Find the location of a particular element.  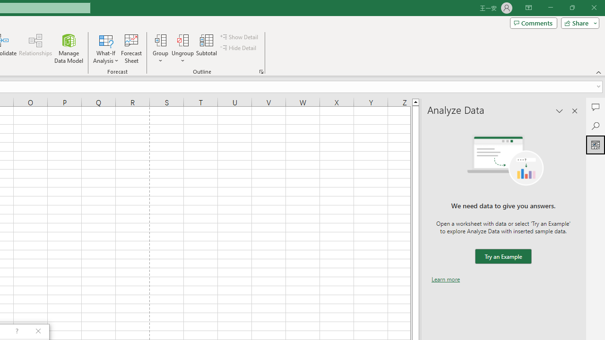

'Relationships' is located at coordinates (35, 49).